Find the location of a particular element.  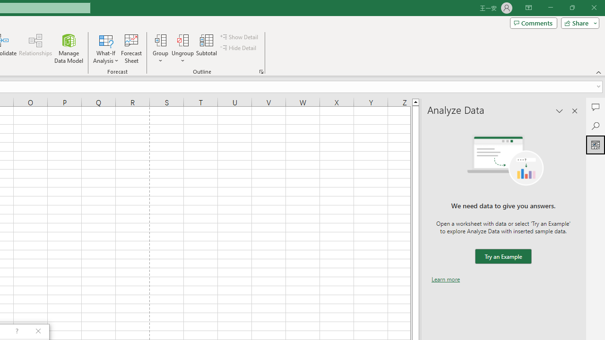

'Relationships' is located at coordinates (35, 49).